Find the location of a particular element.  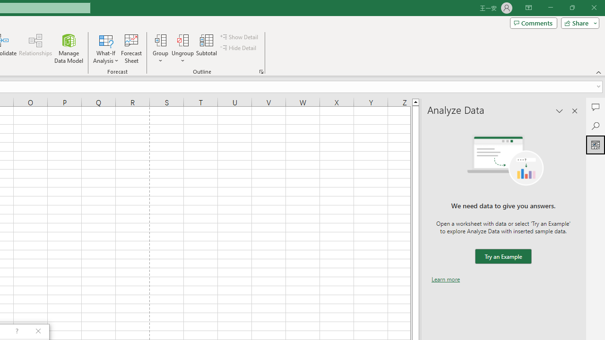

'Relationships' is located at coordinates (35, 49).